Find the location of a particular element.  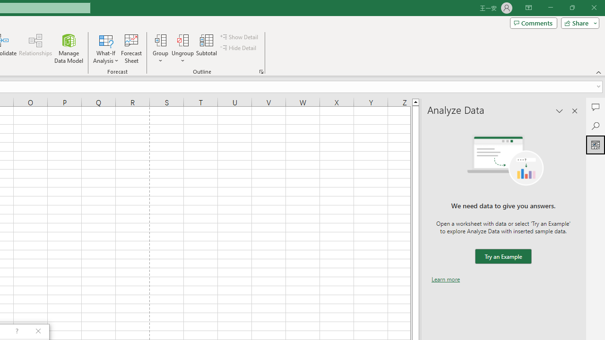

'Relationships' is located at coordinates (35, 49).